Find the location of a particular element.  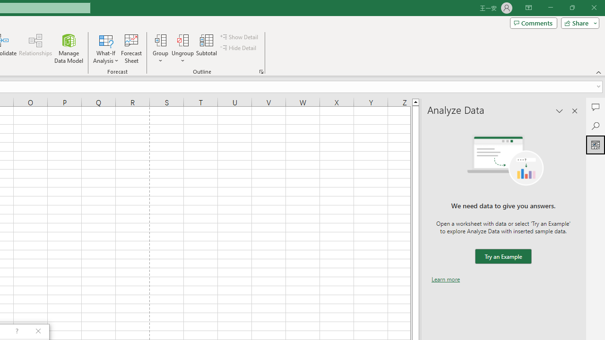

'Relationships' is located at coordinates (35, 49).